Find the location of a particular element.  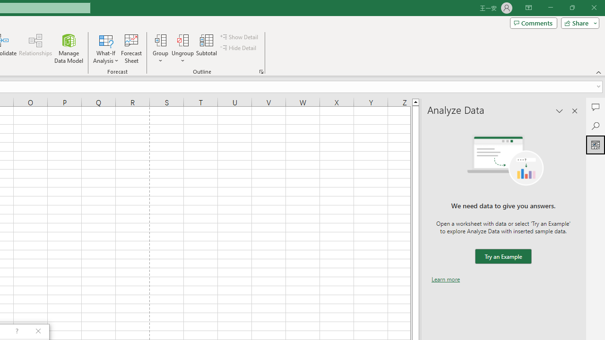

'Relationships' is located at coordinates (35, 49).